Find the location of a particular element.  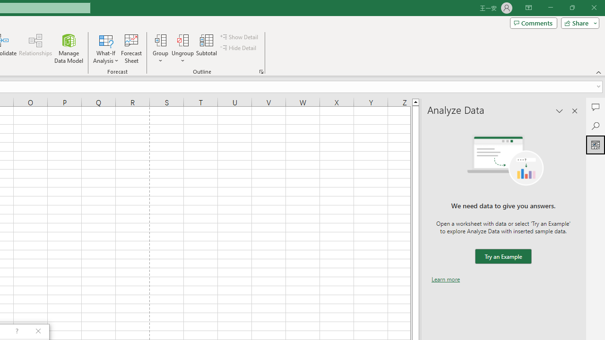

'Relationships' is located at coordinates (35, 49).